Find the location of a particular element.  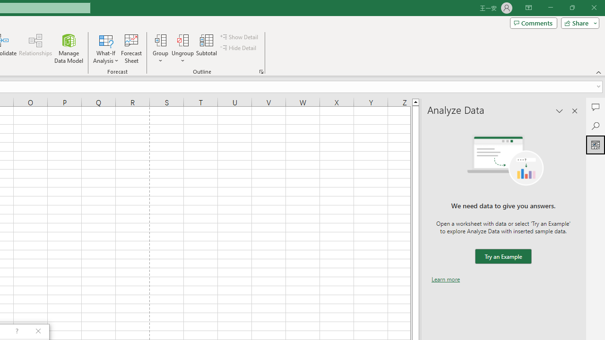

'Relationships' is located at coordinates (35, 49).